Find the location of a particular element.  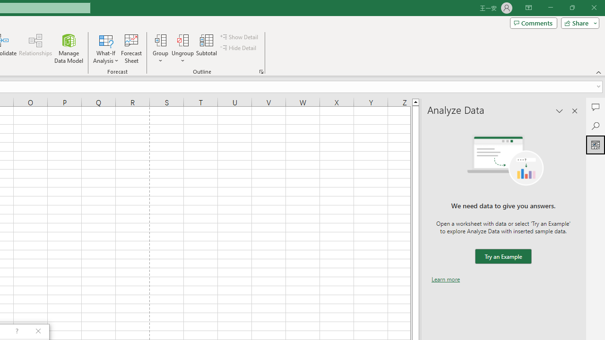

'Relationships' is located at coordinates (35, 49).